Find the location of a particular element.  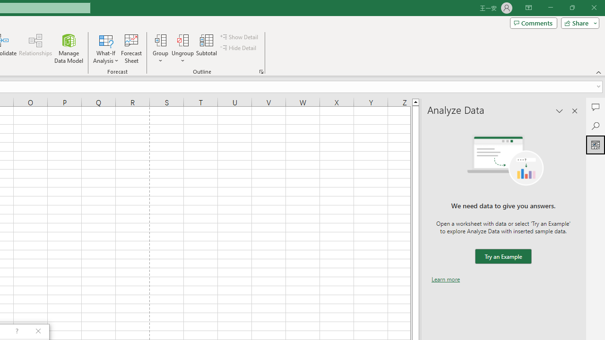

'Relationships' is located at coordinates (35, 49).